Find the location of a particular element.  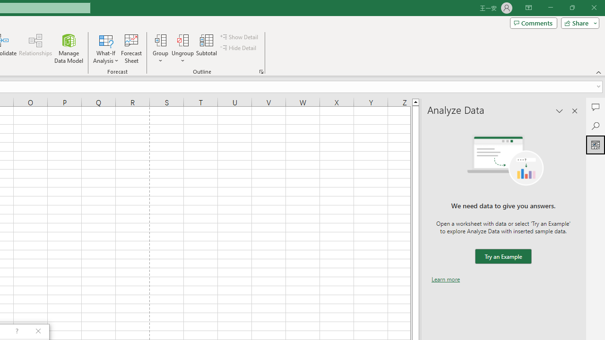

'Relationships' is located at coordinates (35, 49).